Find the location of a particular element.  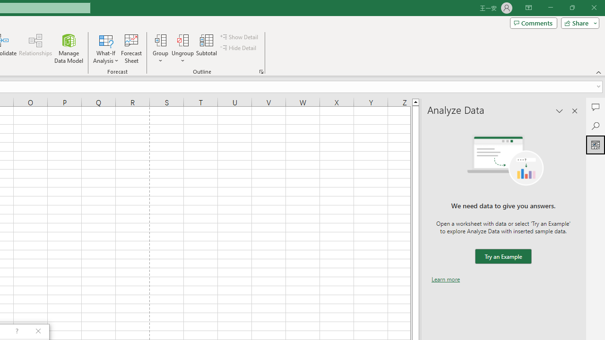

'Relationships' is located at coordinates (35, 49).